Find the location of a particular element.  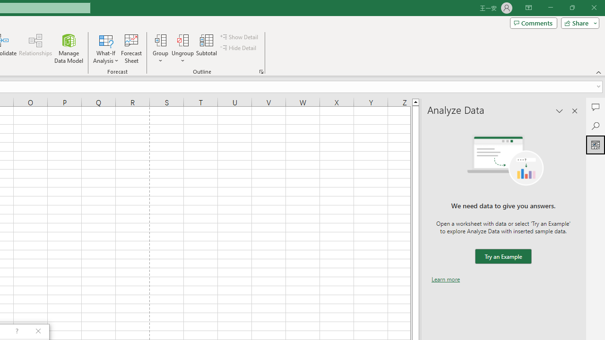

'Relationships' is located at coordinates (35, 49).